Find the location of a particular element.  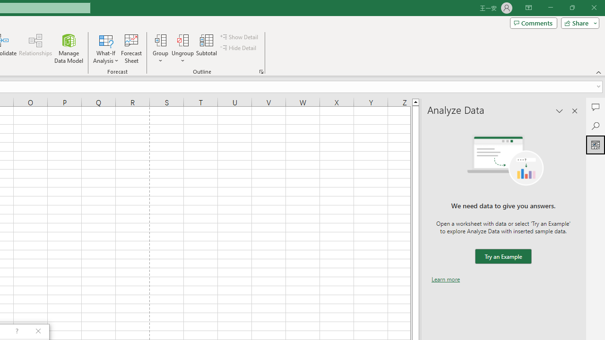

'Relationships' is located at coordinates (35, 49).